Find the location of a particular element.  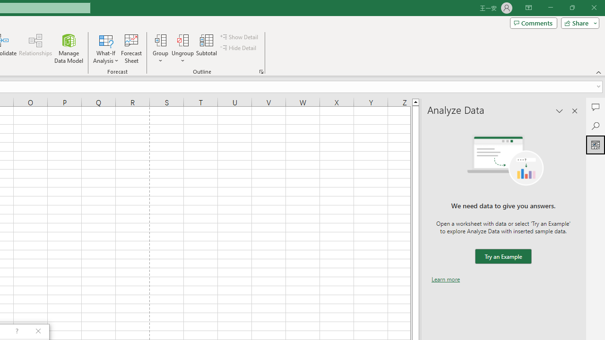

'Relationships' is located at coordinates (35, 49).